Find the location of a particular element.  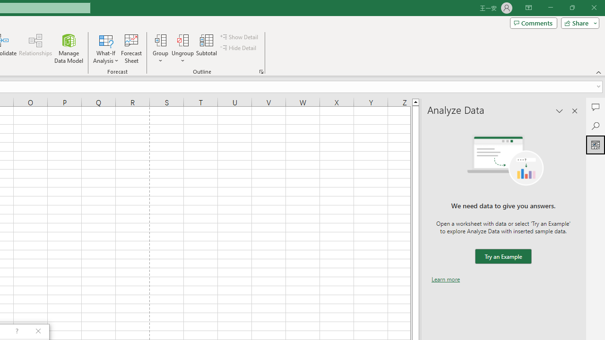

'Relationships' is located at coordinates (35, 49).